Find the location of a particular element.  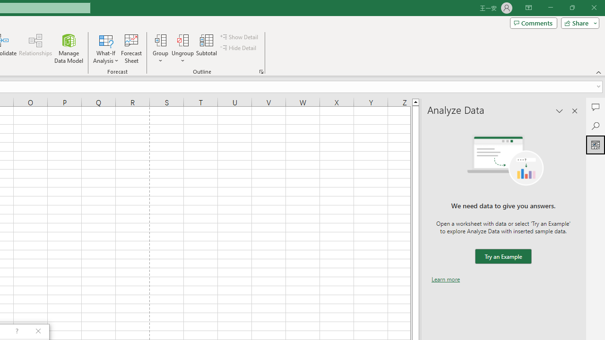

'Relationships' is located at coordinates (35, 49).